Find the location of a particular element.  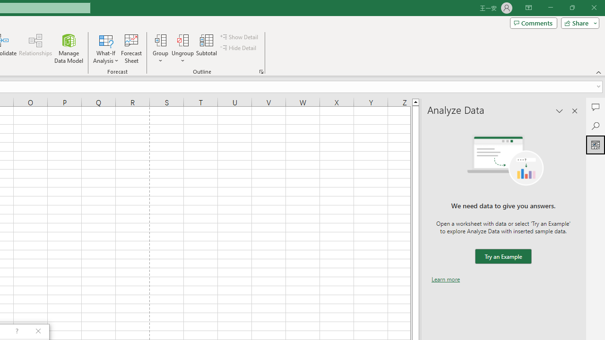

'Relationships' is located at coordinates (35, 49).